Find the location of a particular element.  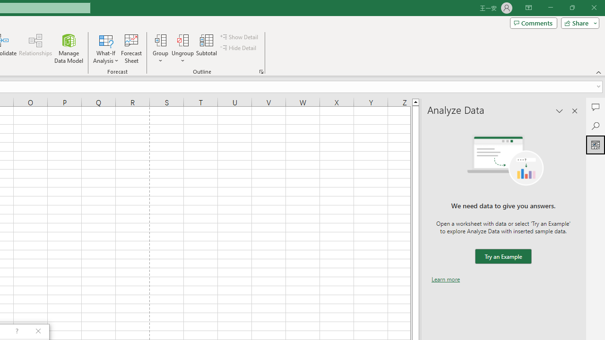

'Relationships' is located at coordinates (35, 49).